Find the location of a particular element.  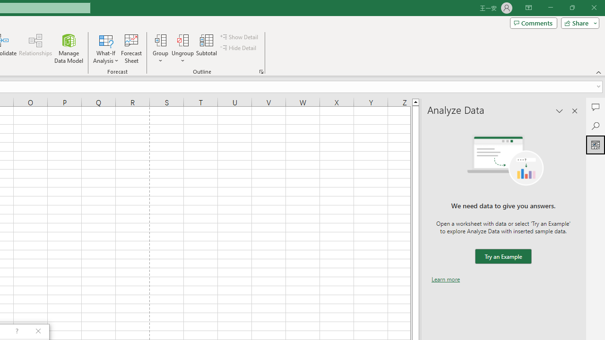

'Relationships' is located at coordinates (35, 49).